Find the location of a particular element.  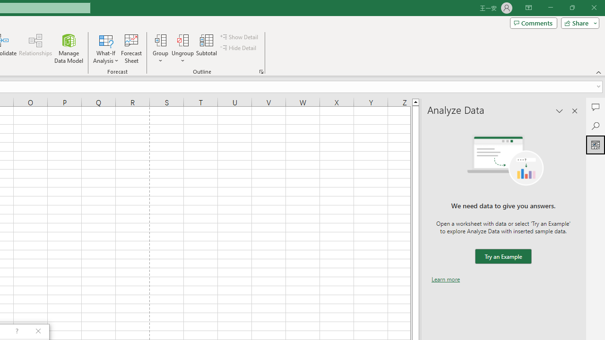

'Relationships' is located at coordinates (35, 49).